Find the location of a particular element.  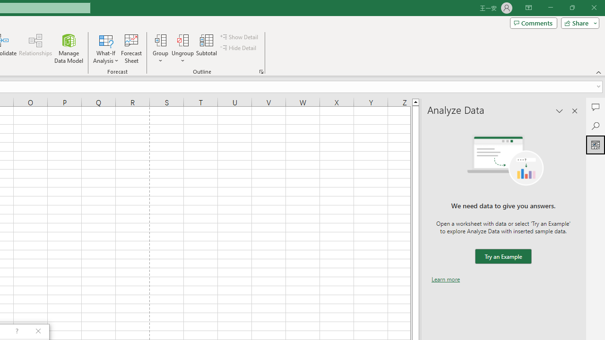

'Relationships' is located at coordinates (35, 49).